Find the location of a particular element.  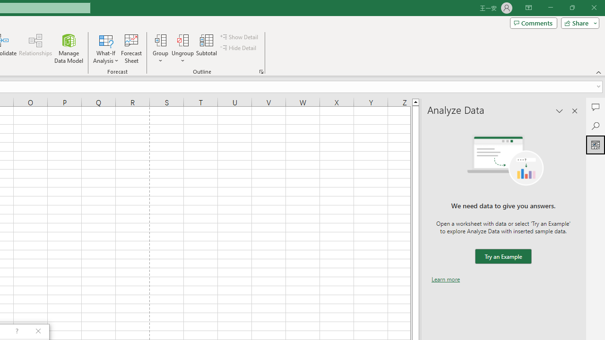

'Relationships' is located at coordinates (35, 49).